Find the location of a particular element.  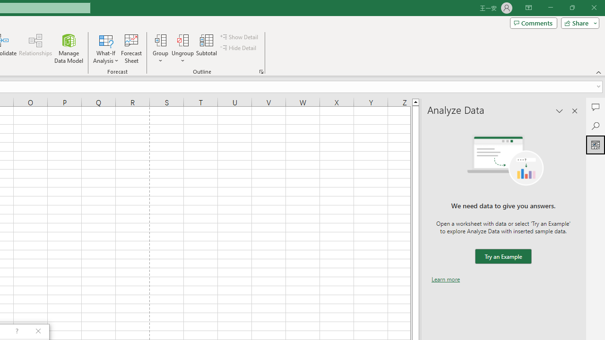

'Relationships' is located at coordinates (35, 49).